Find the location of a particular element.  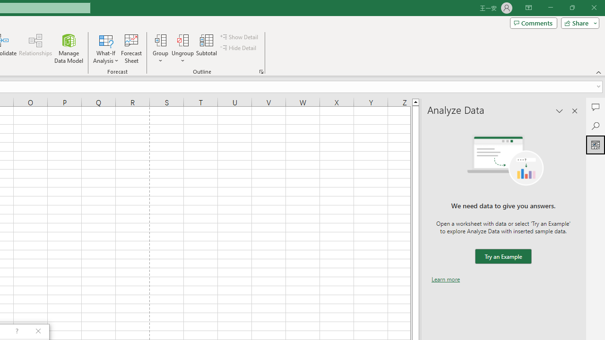

'Relationships' is located at coordinates (35, 49).